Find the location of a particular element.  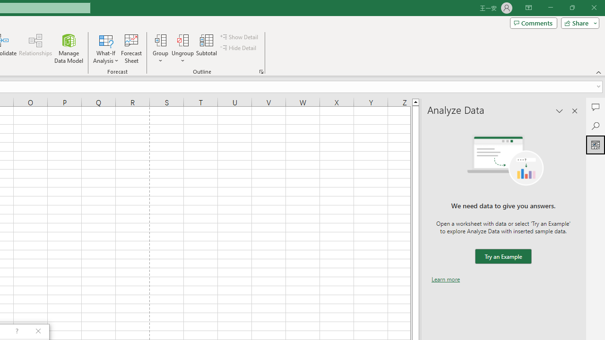

'Relationships' is located at coordinates (35, 49).